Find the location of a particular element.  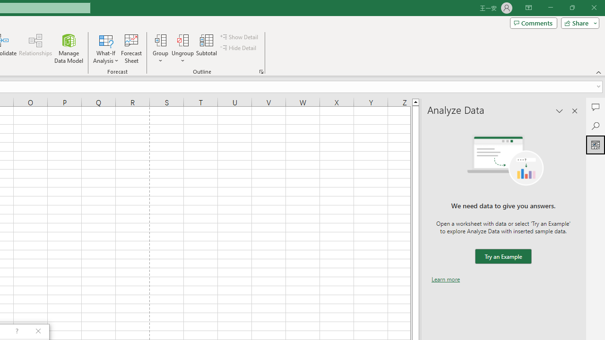

'Relationships' is located at coordinates (35, 49).